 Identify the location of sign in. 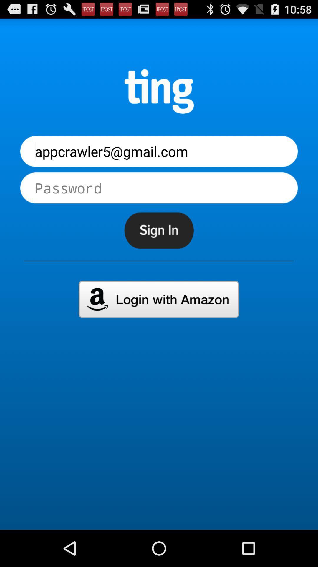
(158, 230).